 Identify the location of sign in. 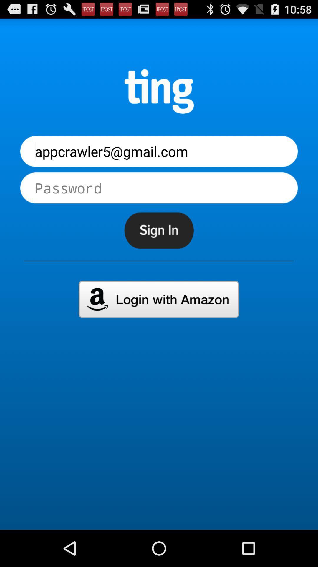
(158, 230).